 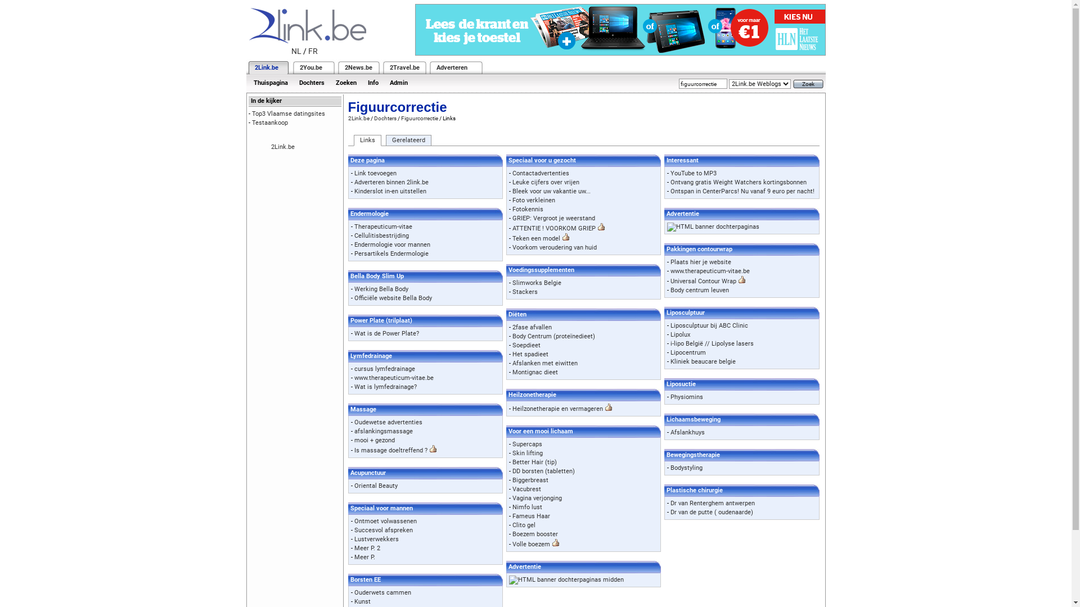 I want to click on 'Liposculptuur bij ABC Clinic', so click(x=670, y=325).